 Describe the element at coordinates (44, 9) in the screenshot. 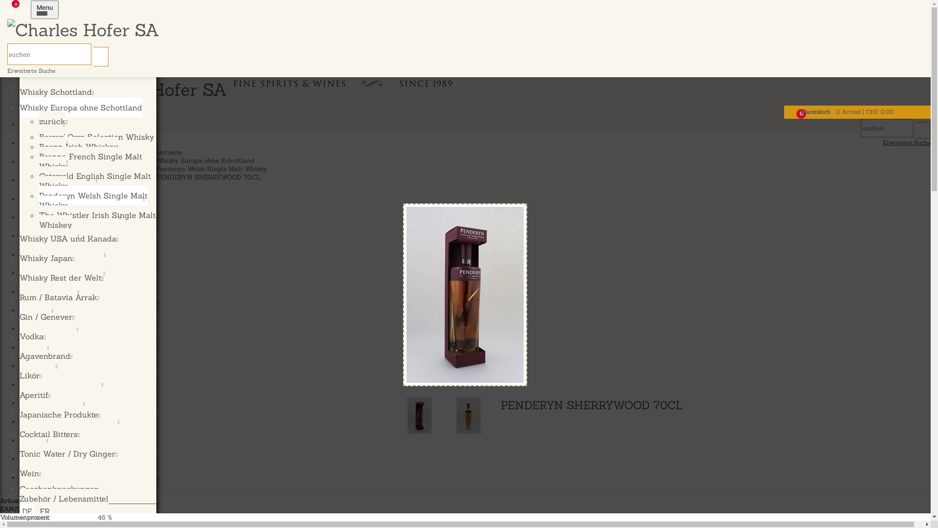

I see `'Menu'` at that location.